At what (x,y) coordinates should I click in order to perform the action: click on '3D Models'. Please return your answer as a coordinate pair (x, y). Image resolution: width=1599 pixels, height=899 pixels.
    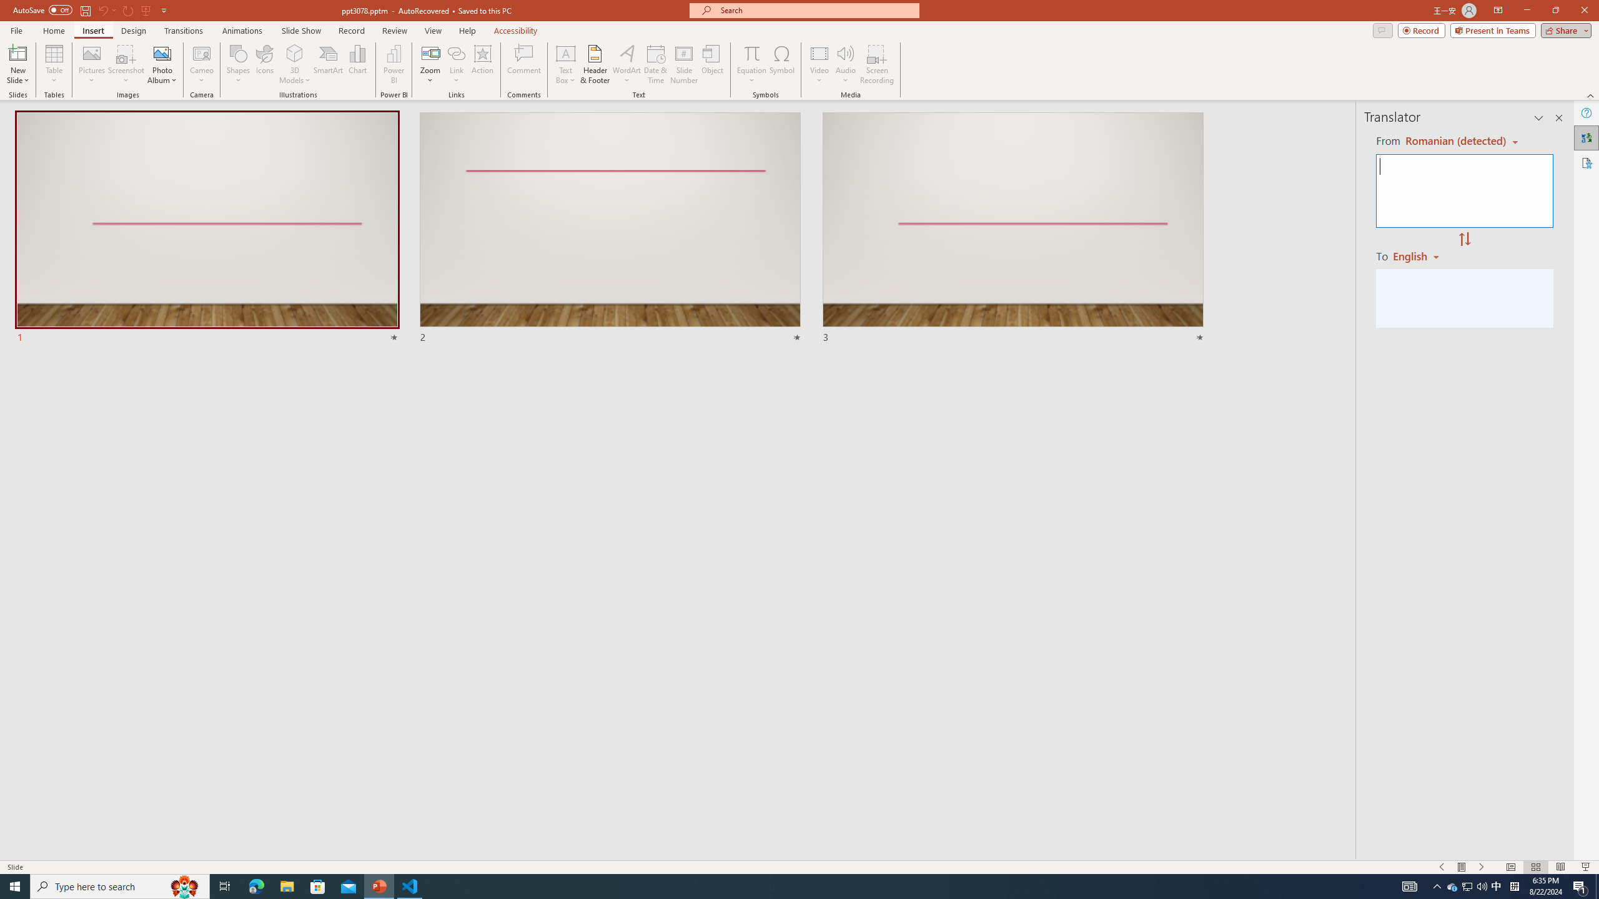
    Looking at the image, I should click on (295, 52).